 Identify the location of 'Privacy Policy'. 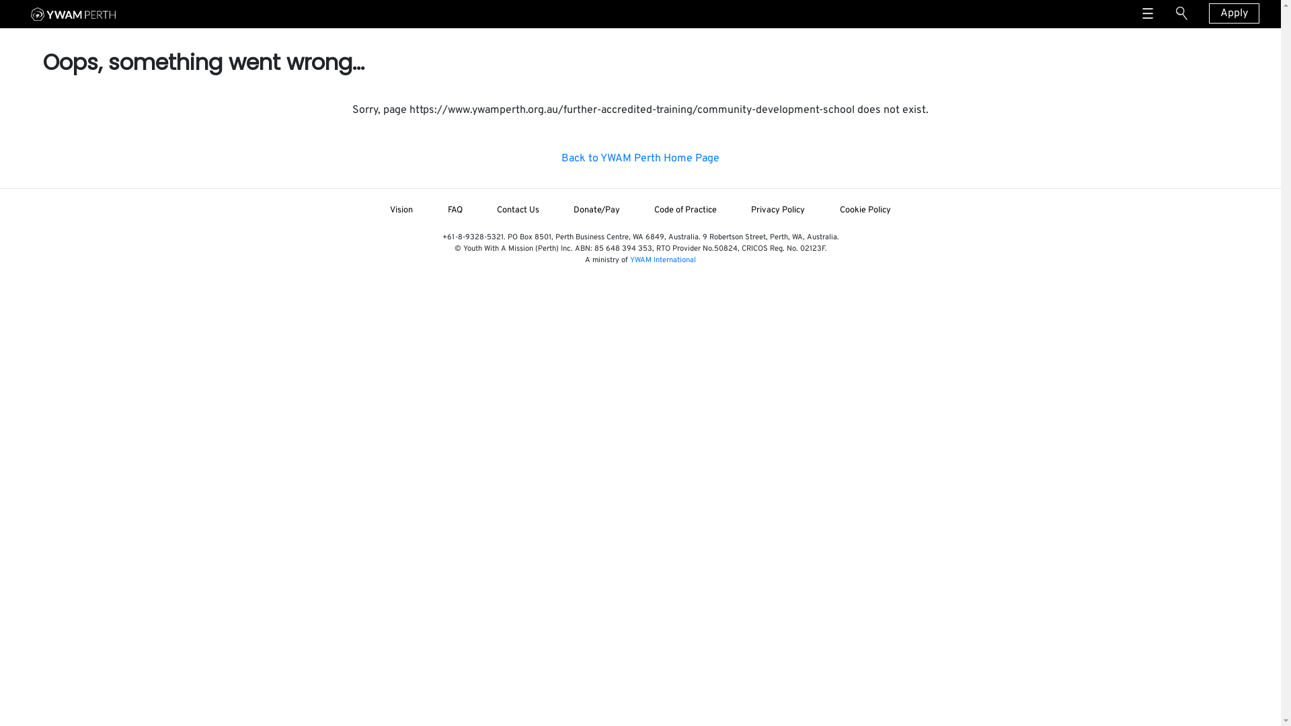
(778, 210).